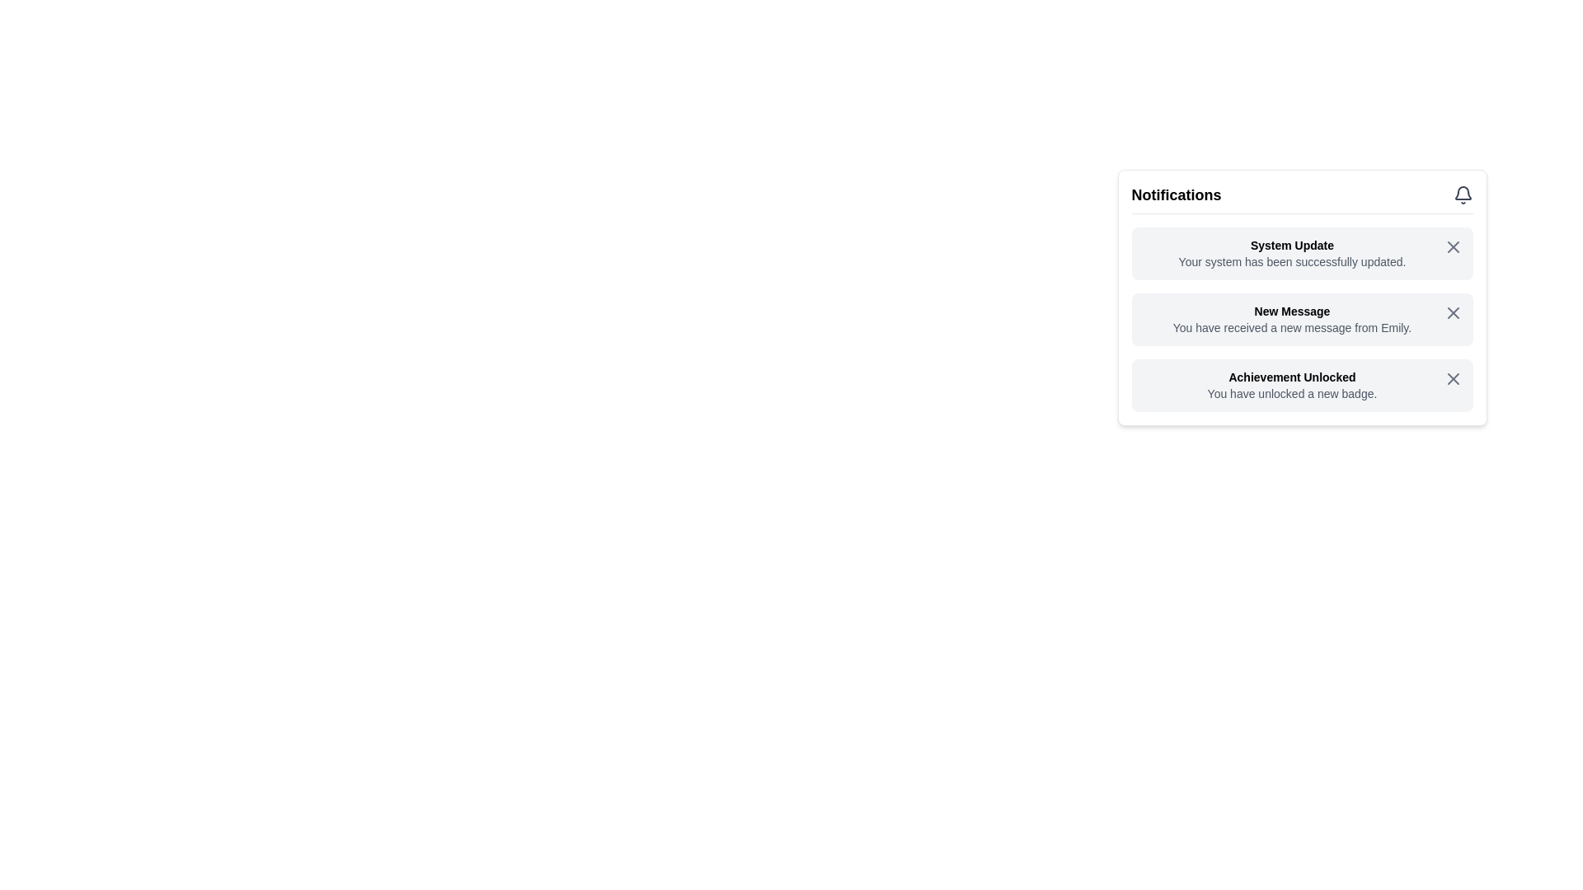  Describe the element at coordinates (1301, 320) in the screenshot. I see `the second notification card in the 'Notifications' widget` at that location.